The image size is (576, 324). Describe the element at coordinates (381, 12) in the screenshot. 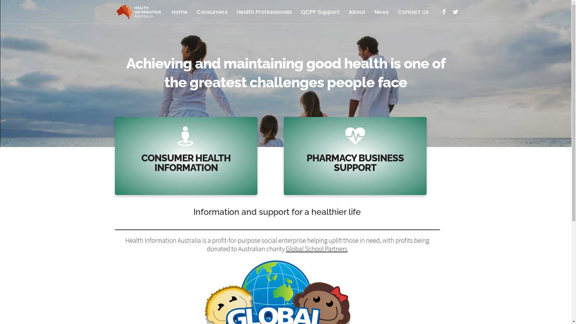

I see `'News'` at that location.